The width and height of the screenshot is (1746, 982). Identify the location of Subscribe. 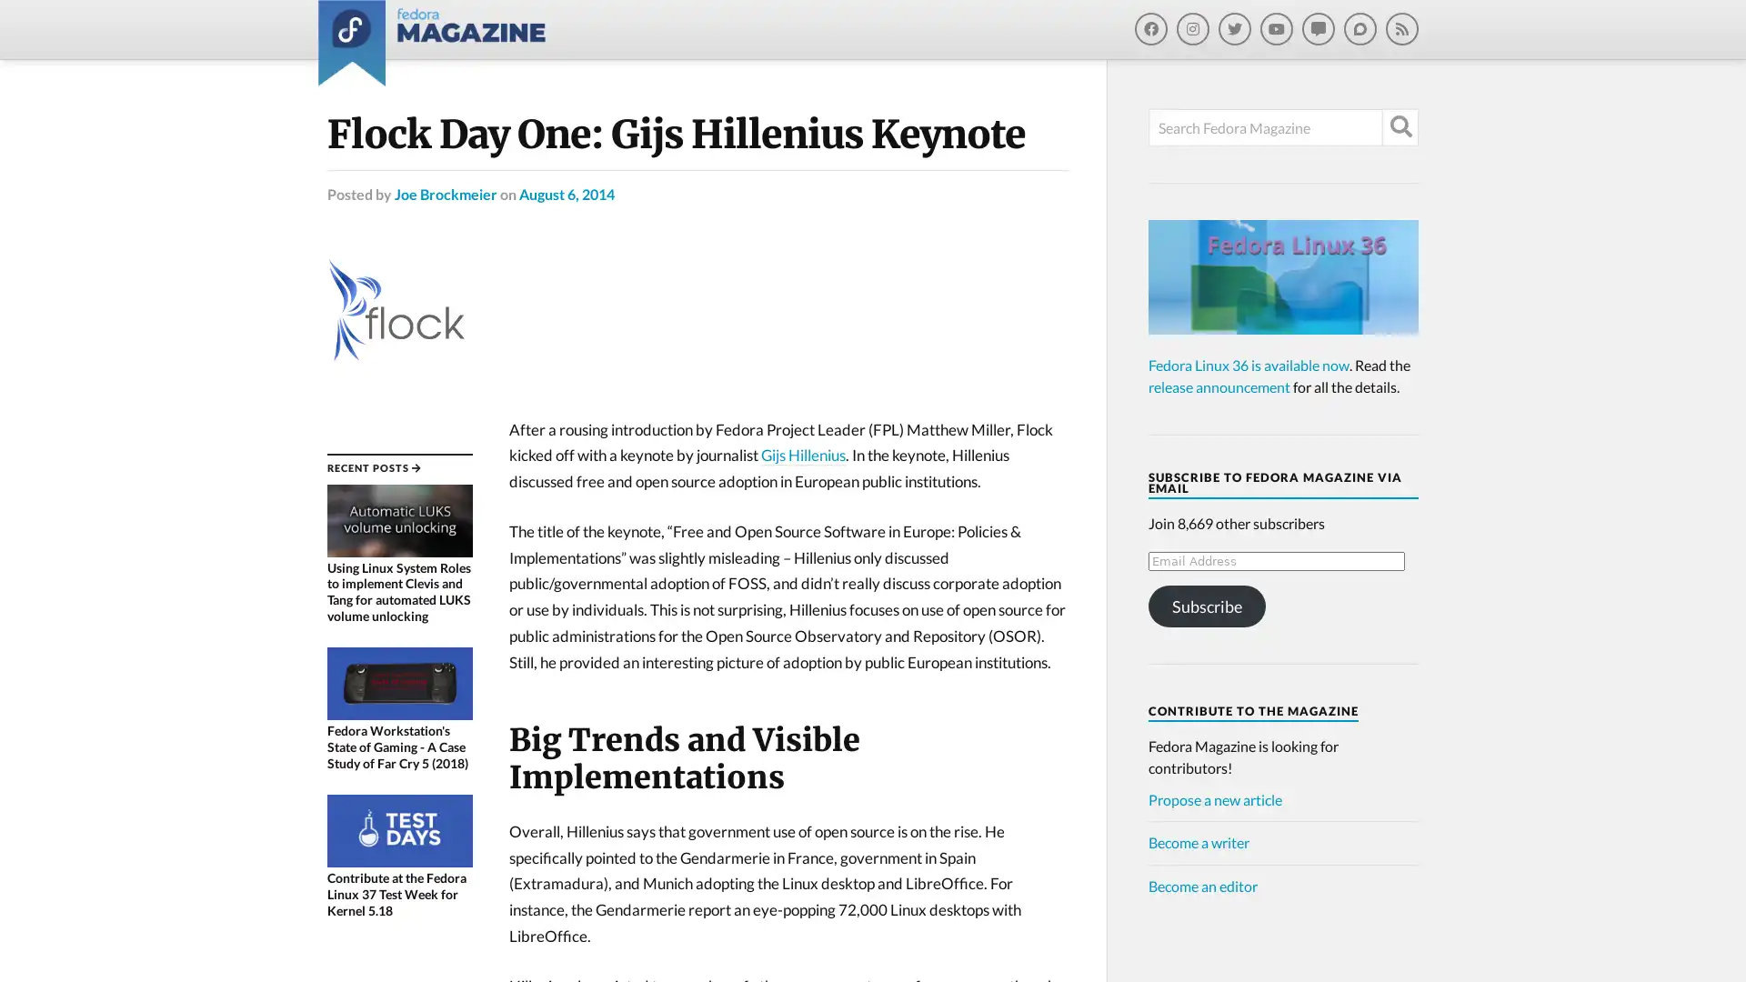
(1206, 606).